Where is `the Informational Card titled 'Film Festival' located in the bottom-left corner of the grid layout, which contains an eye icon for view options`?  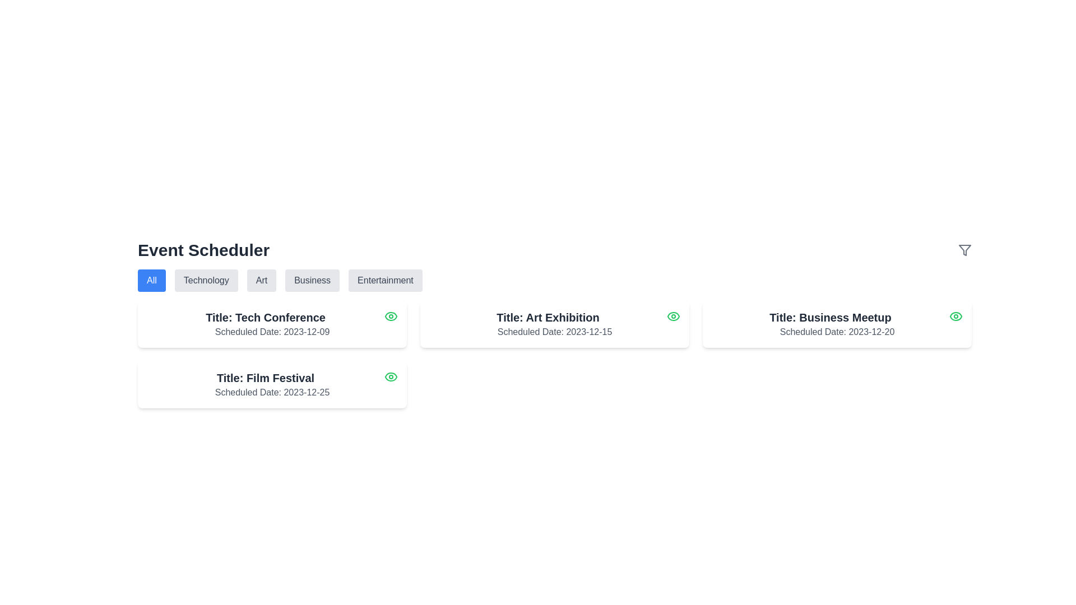 the Informational Card titled 'Film Festival' located in the bottom-left corner of the grid layout, which contains an eye icon for view options is located at coordinates (272, 384).